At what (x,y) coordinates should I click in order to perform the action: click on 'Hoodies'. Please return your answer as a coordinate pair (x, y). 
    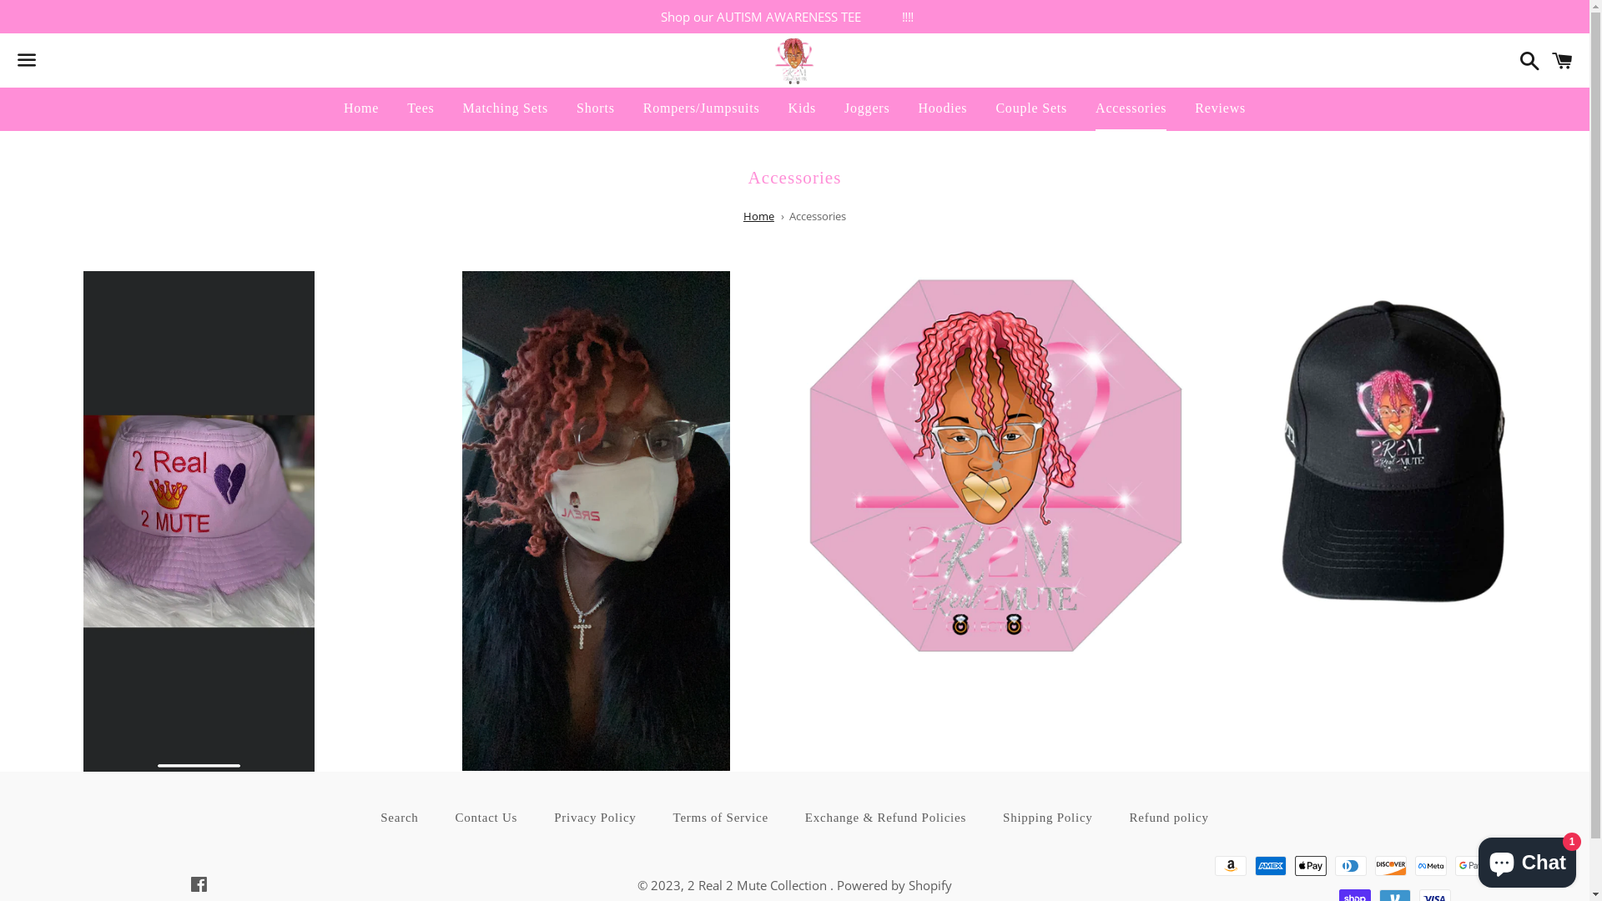
    Looking at the image, I should click on (904, 108).